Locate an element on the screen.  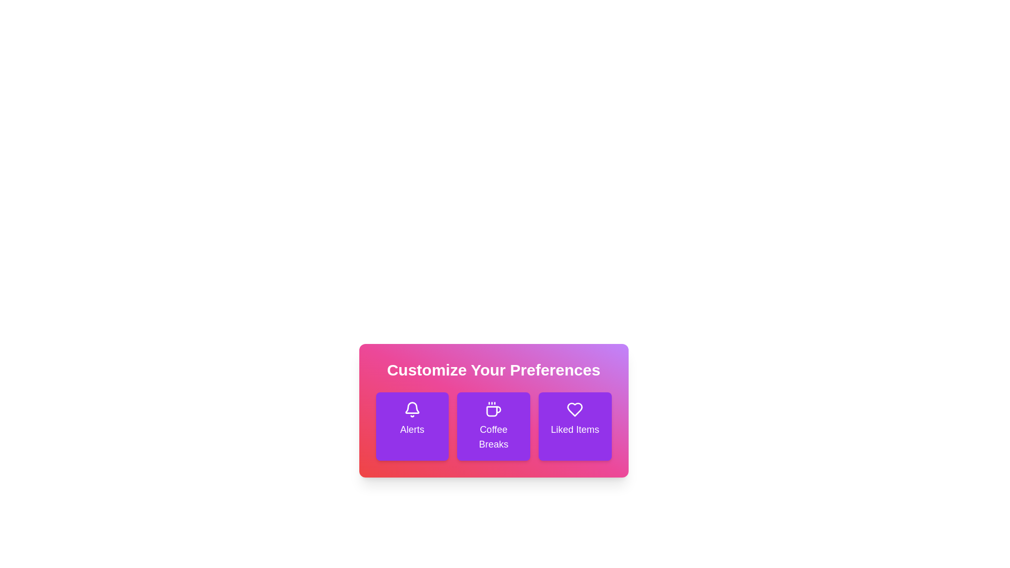
the text header 'Customize Your Preferences' which is styled in bold, large font and is centrally aligned on a gradient background is located at coordinates (493, 370).